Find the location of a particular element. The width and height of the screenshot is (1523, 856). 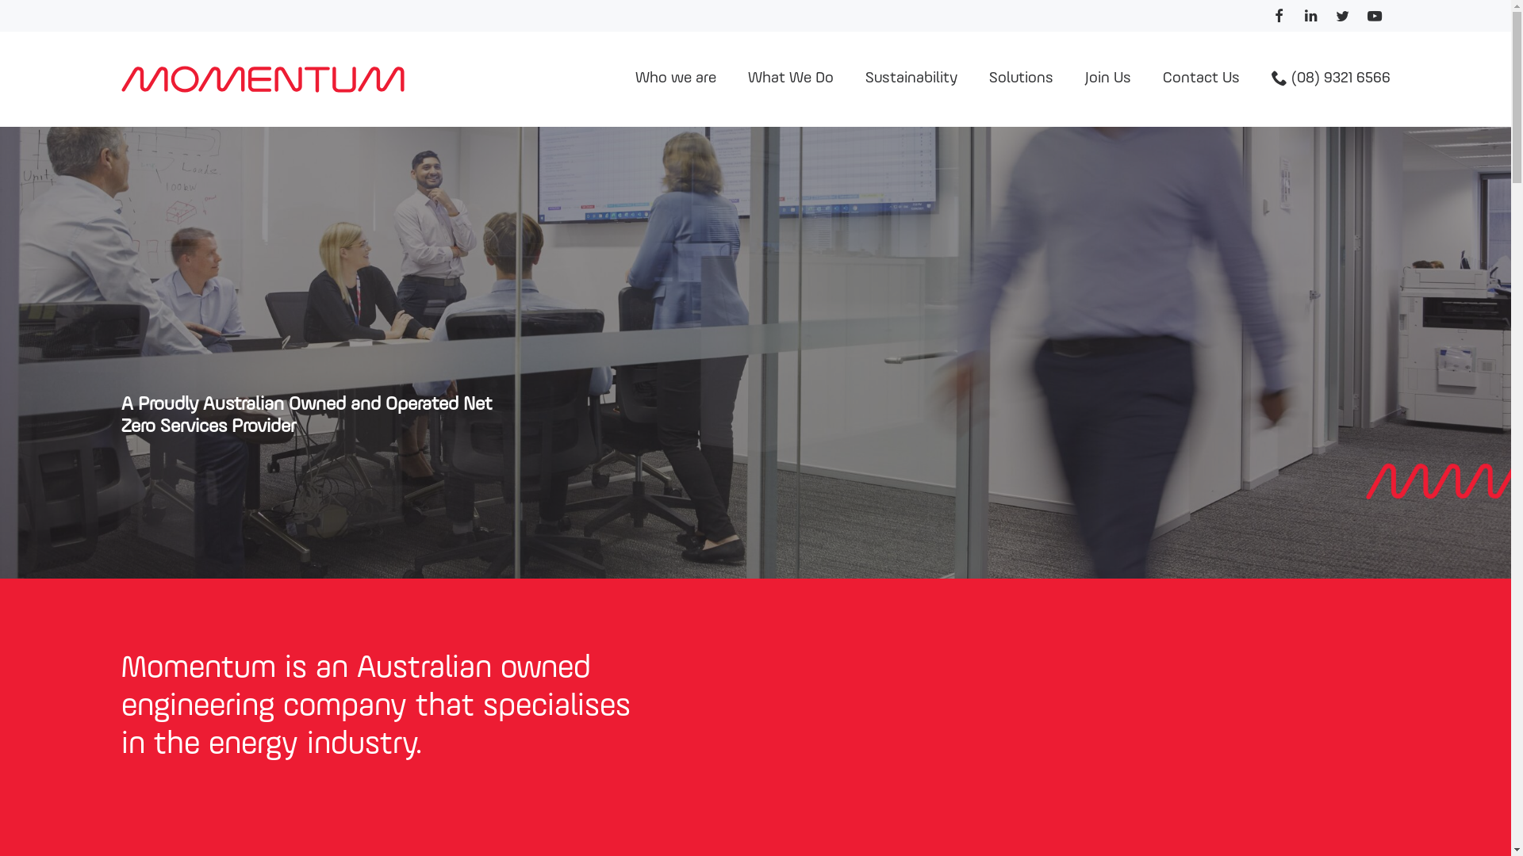

'(08) 9321 6566' is located at coordinates (1329, 79).